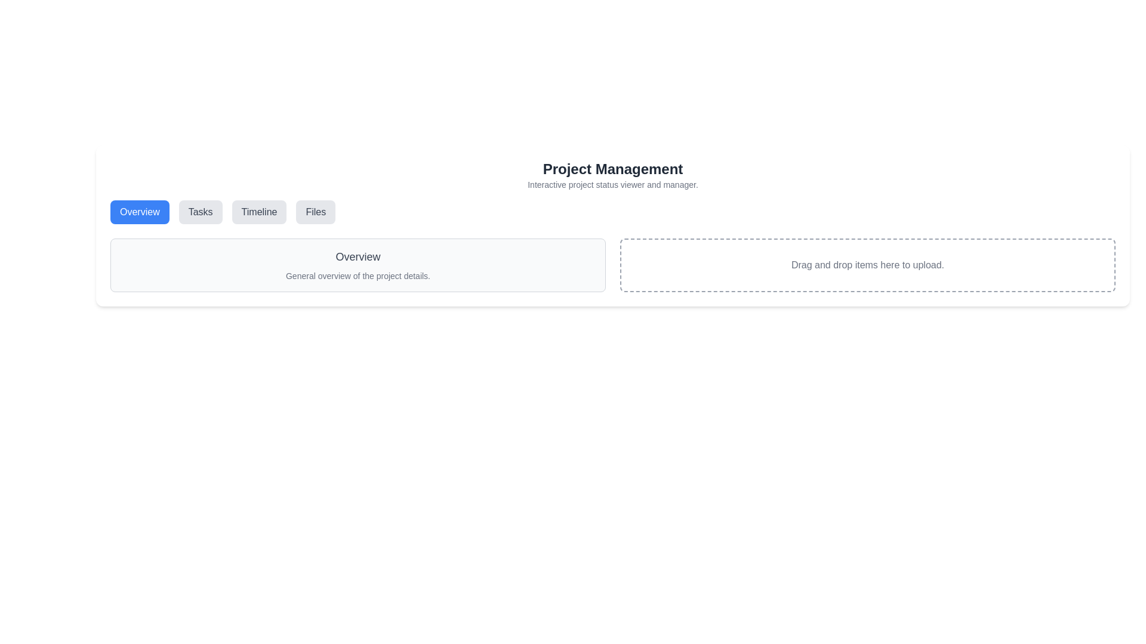 The height and width of the screenshot is (644, 1146). I want to click on the 'Tasks' button, which is the second button from the left, so click(201, 211).